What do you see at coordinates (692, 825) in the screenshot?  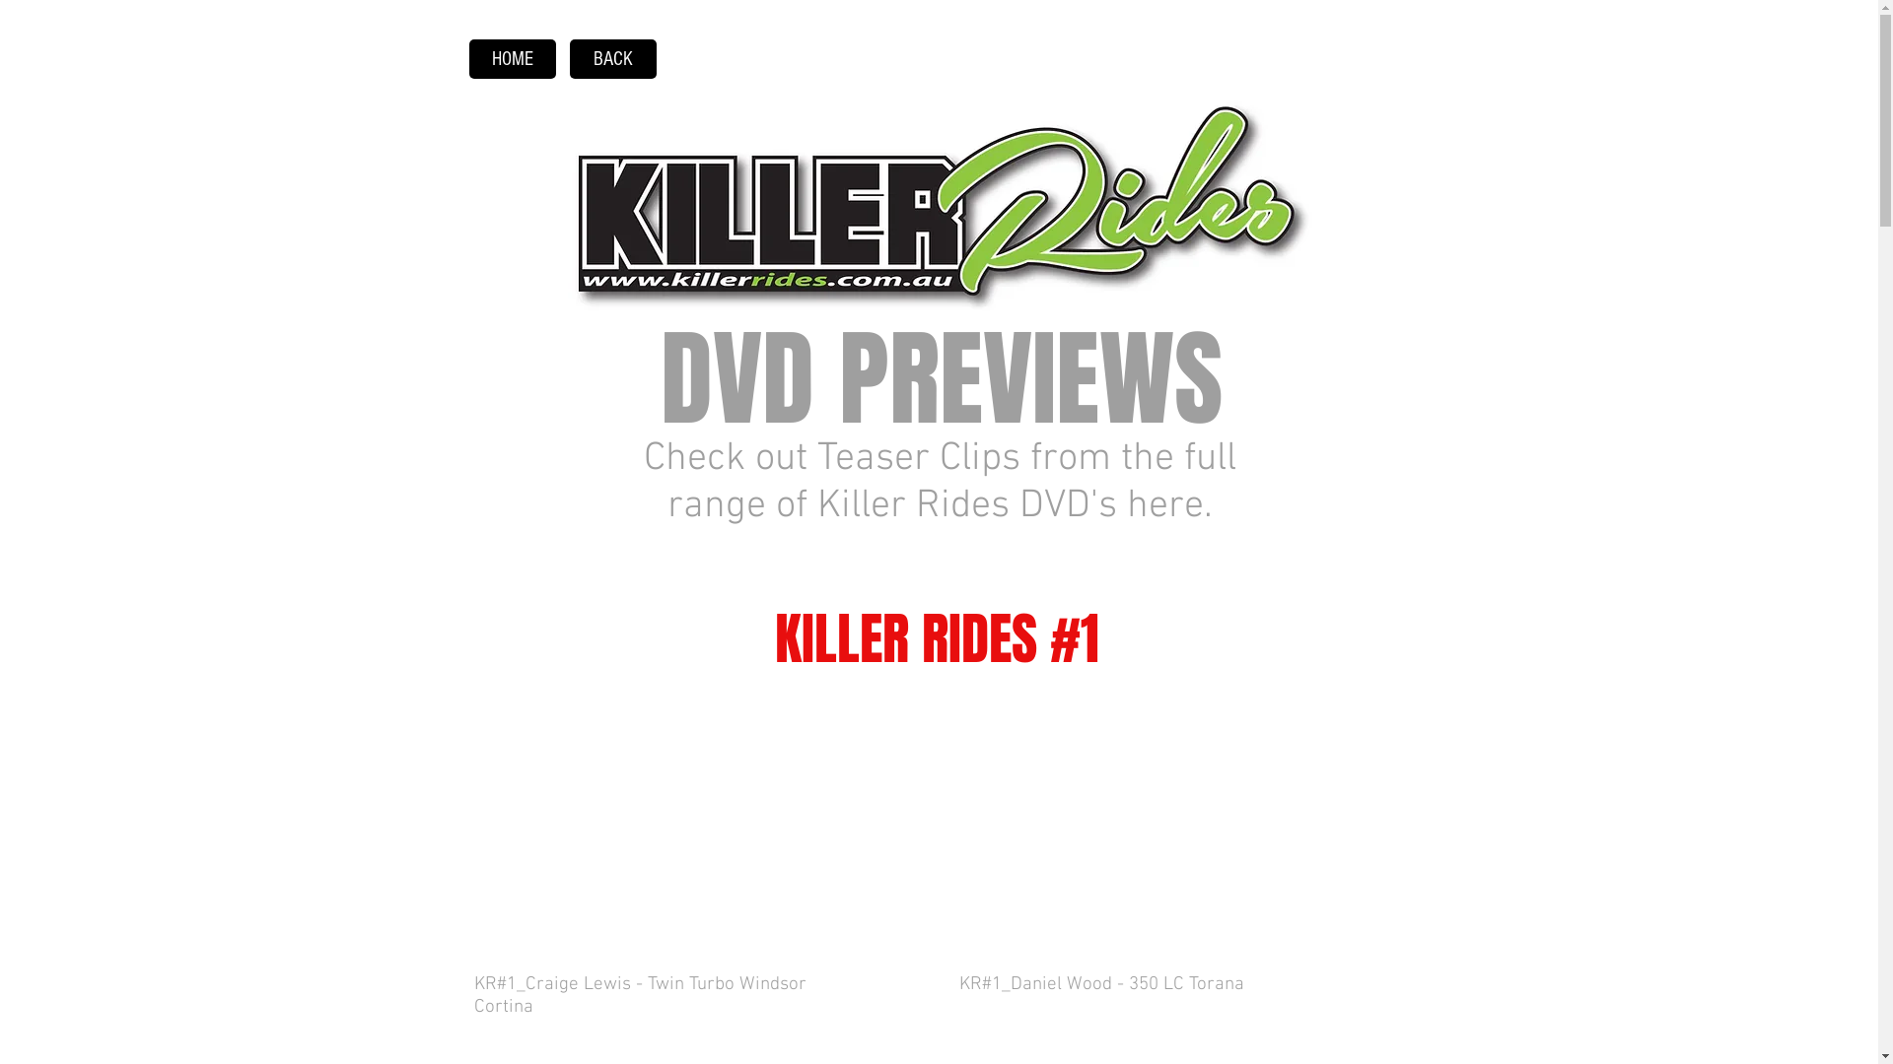 I see `'External YouTube'` at bounding box center [692, 825].